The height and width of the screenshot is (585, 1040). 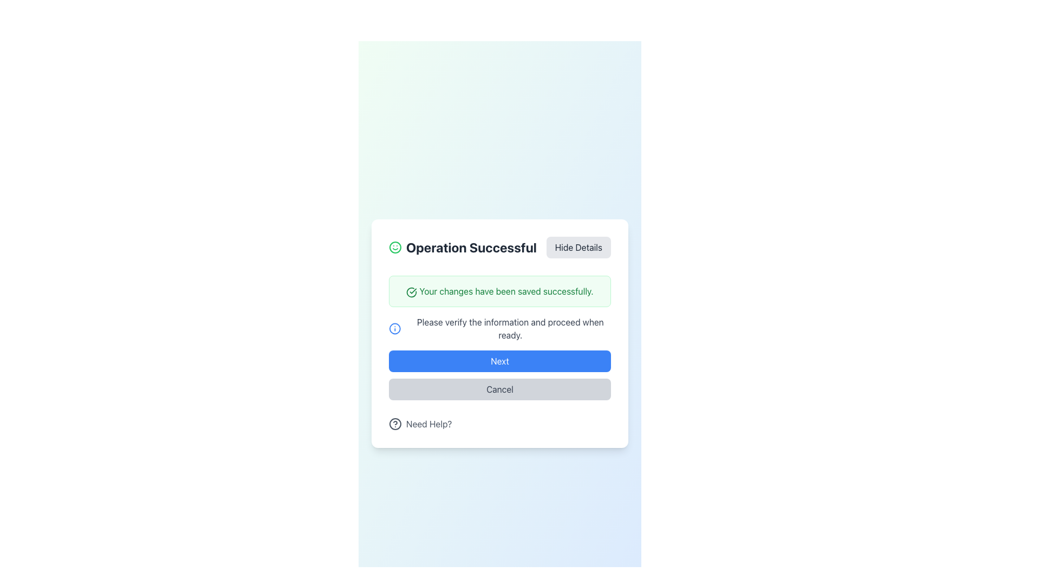 I want to click on the circular graphical indicator located near the top-left corner of the inner message box within the SVG graphic, so click(x=394, y=328).